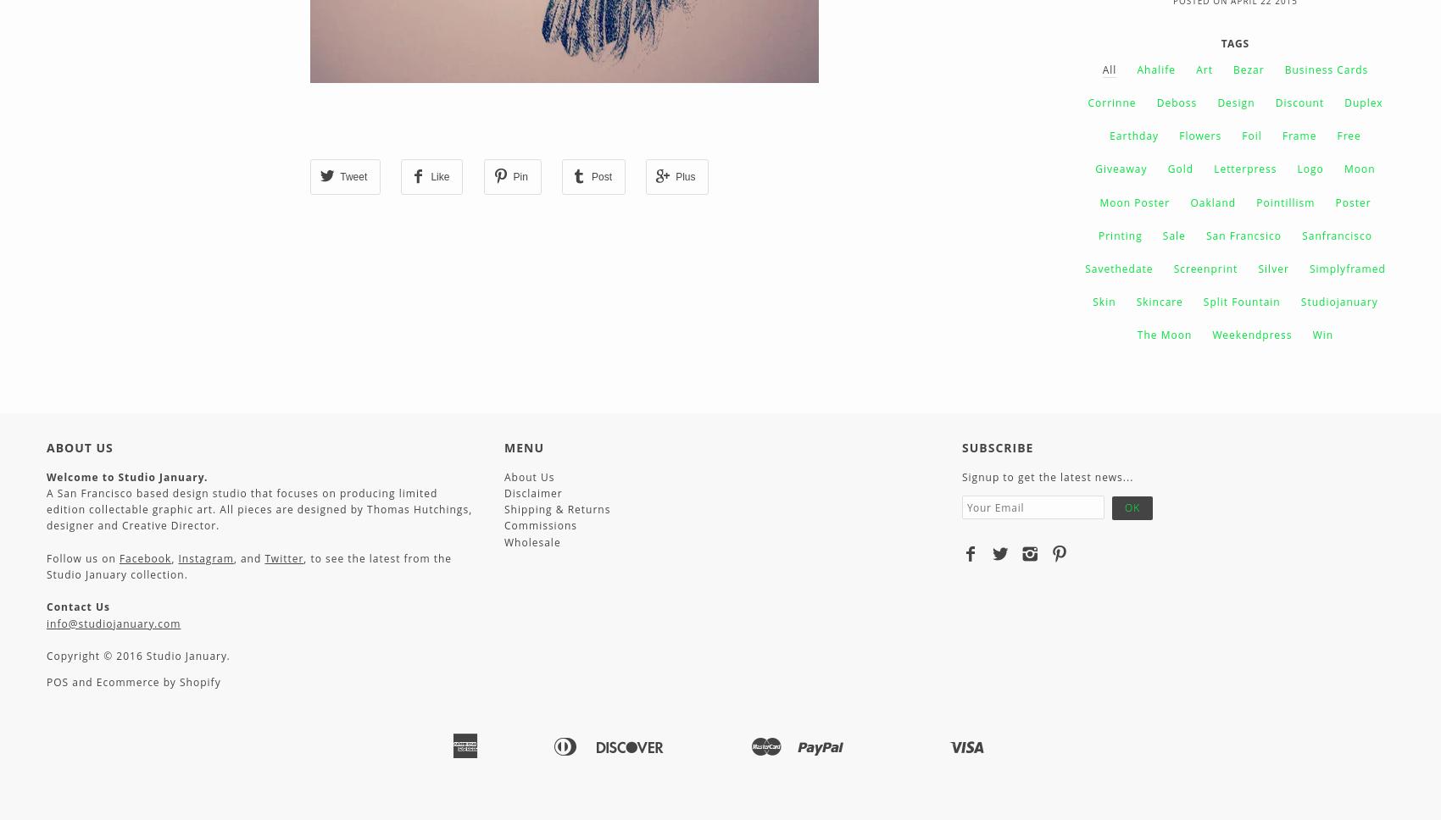  I want to click on 'POS', so click(58, 681).